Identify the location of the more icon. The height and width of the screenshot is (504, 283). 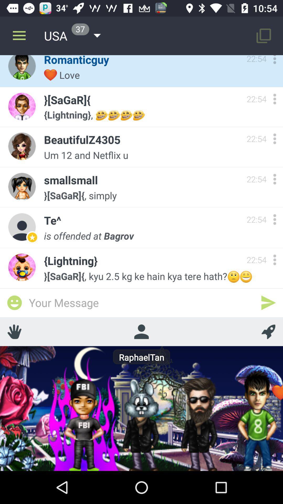
(274, 219).